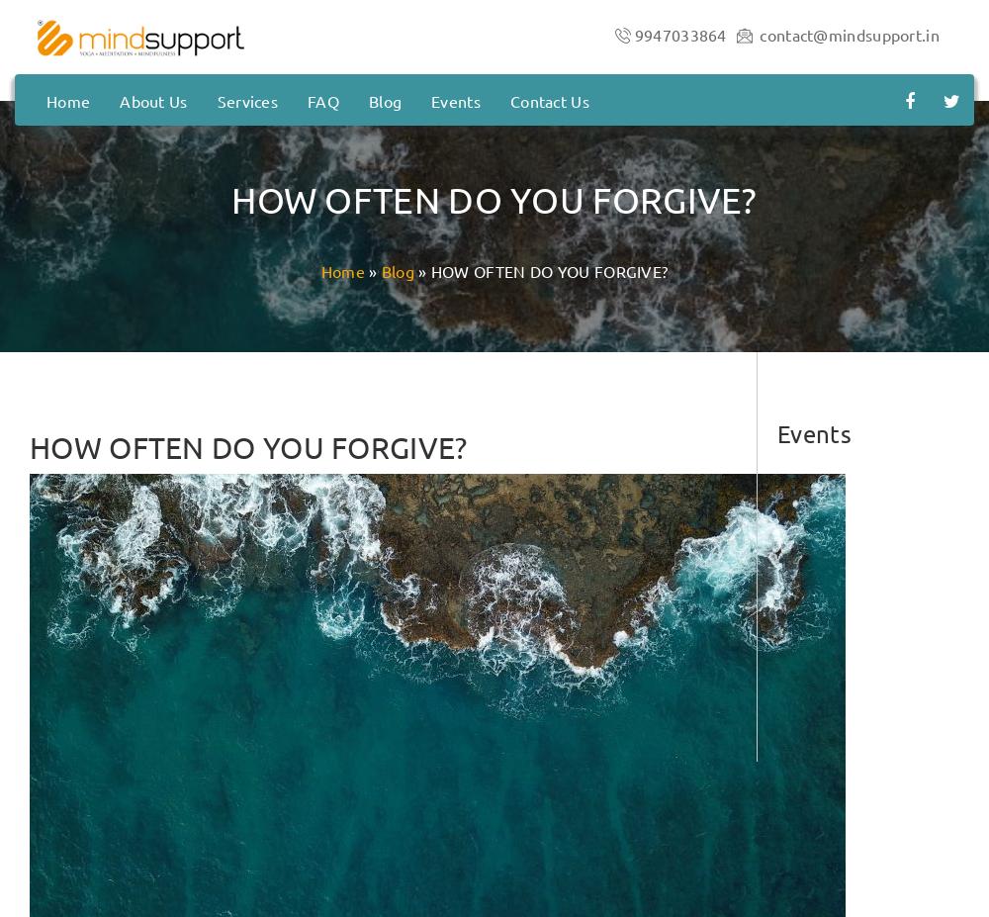 The height and width of the screenshot is (917, 989). What do you see at coordinates (549, 99) in the screenshot?
I see `'Contact Us'` at bounding box center [549, 99].